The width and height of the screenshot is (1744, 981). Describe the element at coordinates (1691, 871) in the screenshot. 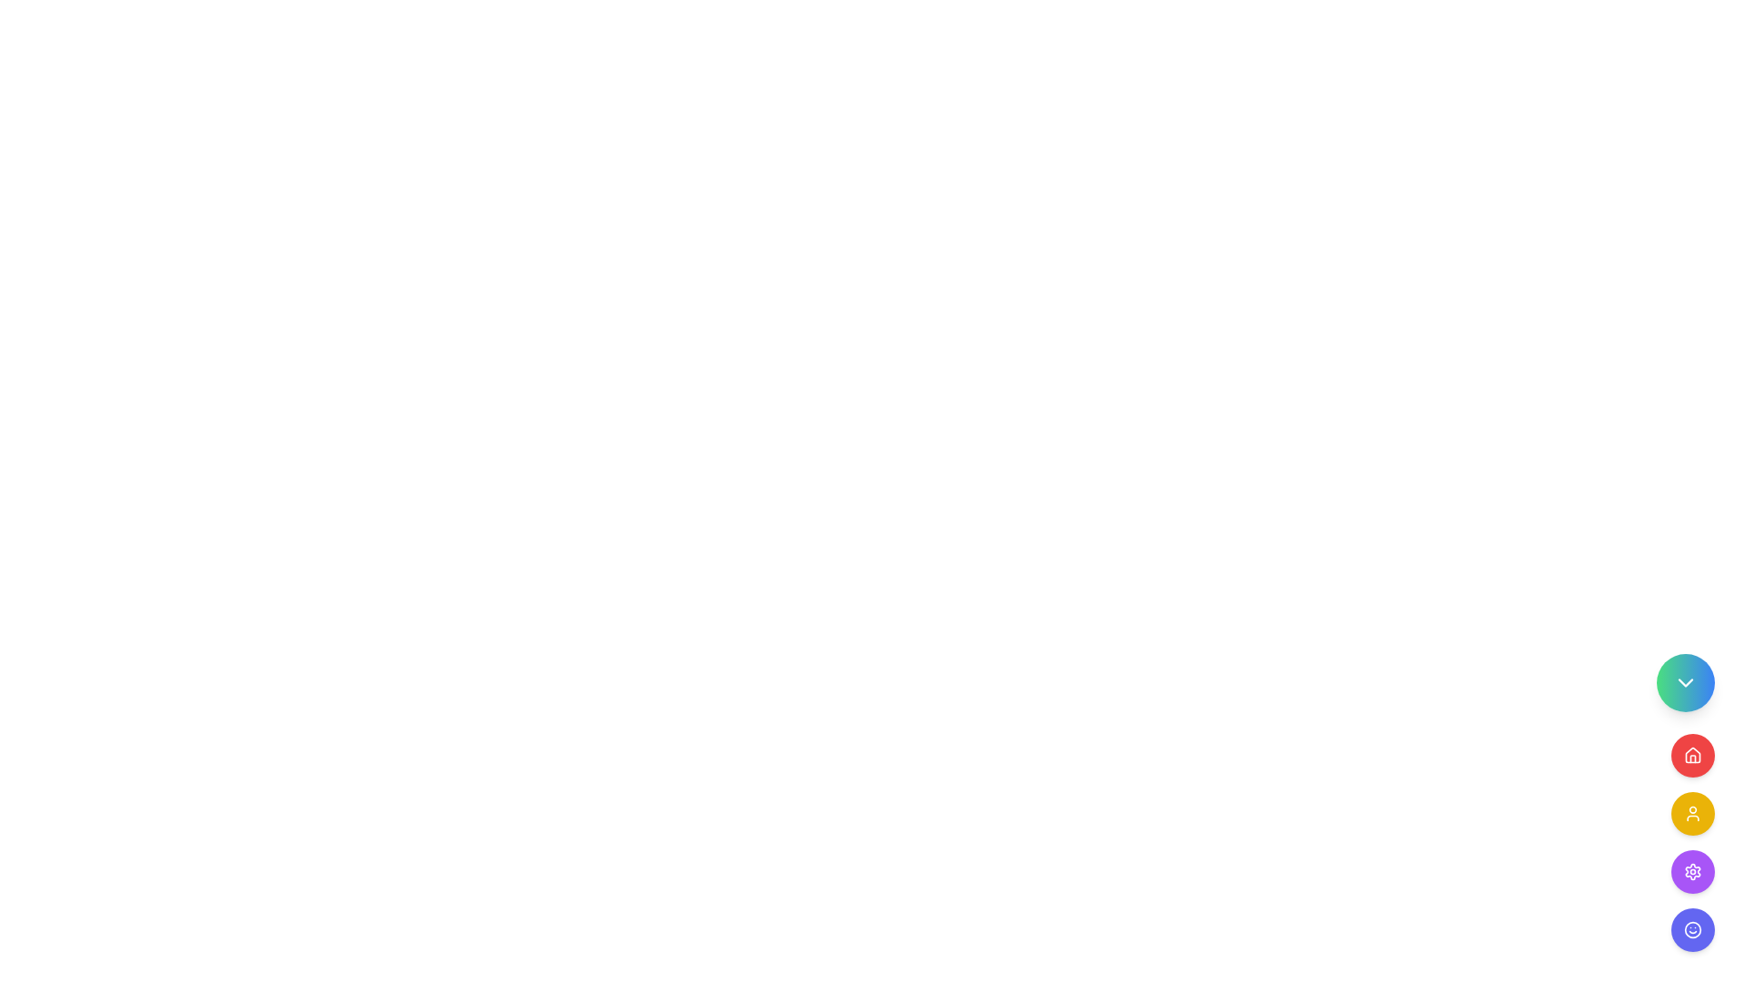

I see `the fourth circular button` at that location.